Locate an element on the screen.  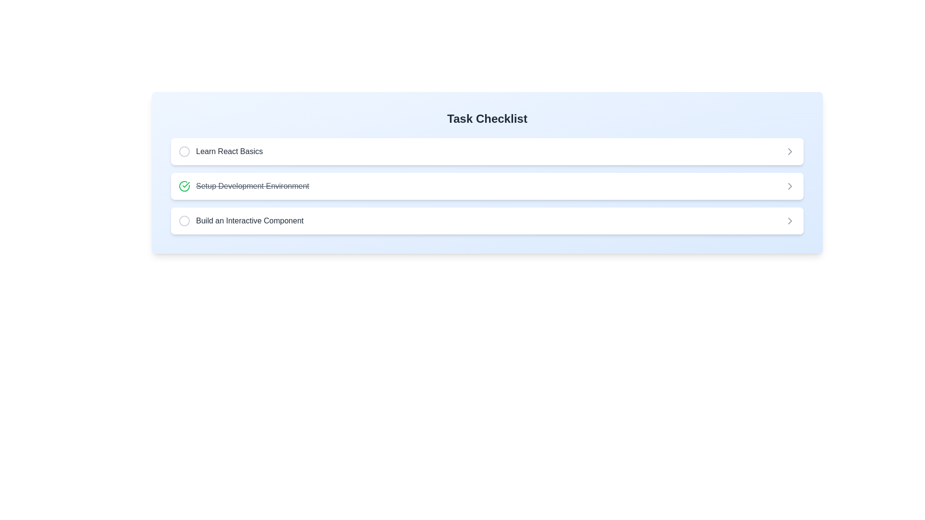
the text label that says 'Setup Development Environment' displayed in a strikethrough style with gray coloration, indicating a completed task within a checklist interface is located at coordinates (252, 186).